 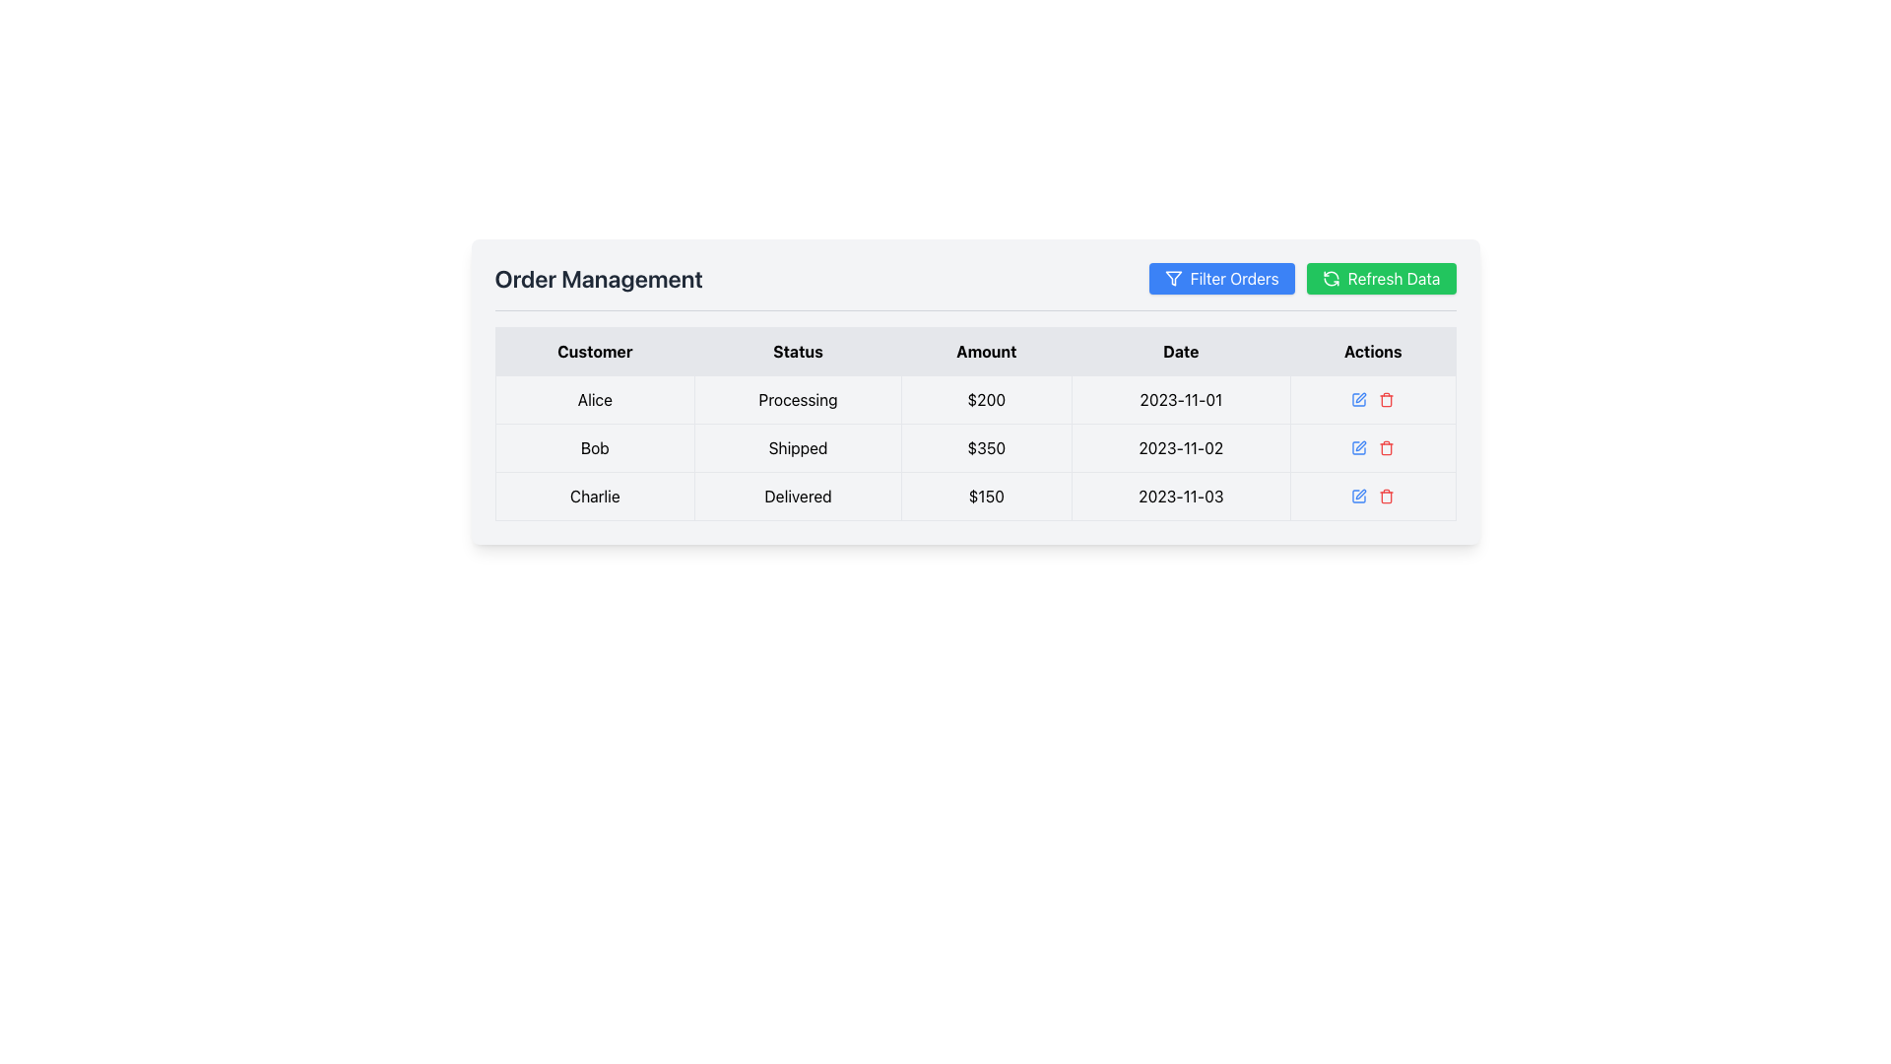 What do you see at coordinates (1181, 351) in the screenshot?
I see `the 'Date' column header in the table, which is the fourth header from the left in a row of five headers: 'Customer', 'Status', 'Amount', 'Date', and 'Actions'` at bounding box center [1181, 351].